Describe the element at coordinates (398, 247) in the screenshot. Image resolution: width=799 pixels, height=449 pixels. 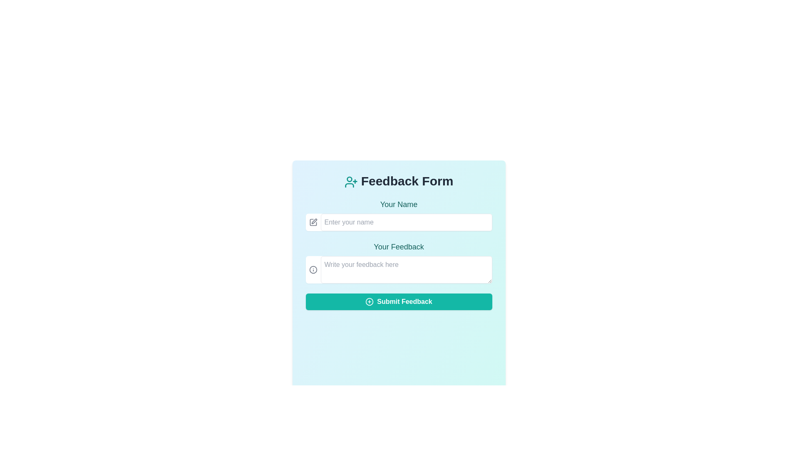
I see `the 'Your Feedback' text label, which is styled in a medium-sized, teal font with a serif typeface and positioned at the upper part of a feedback form` at that location.